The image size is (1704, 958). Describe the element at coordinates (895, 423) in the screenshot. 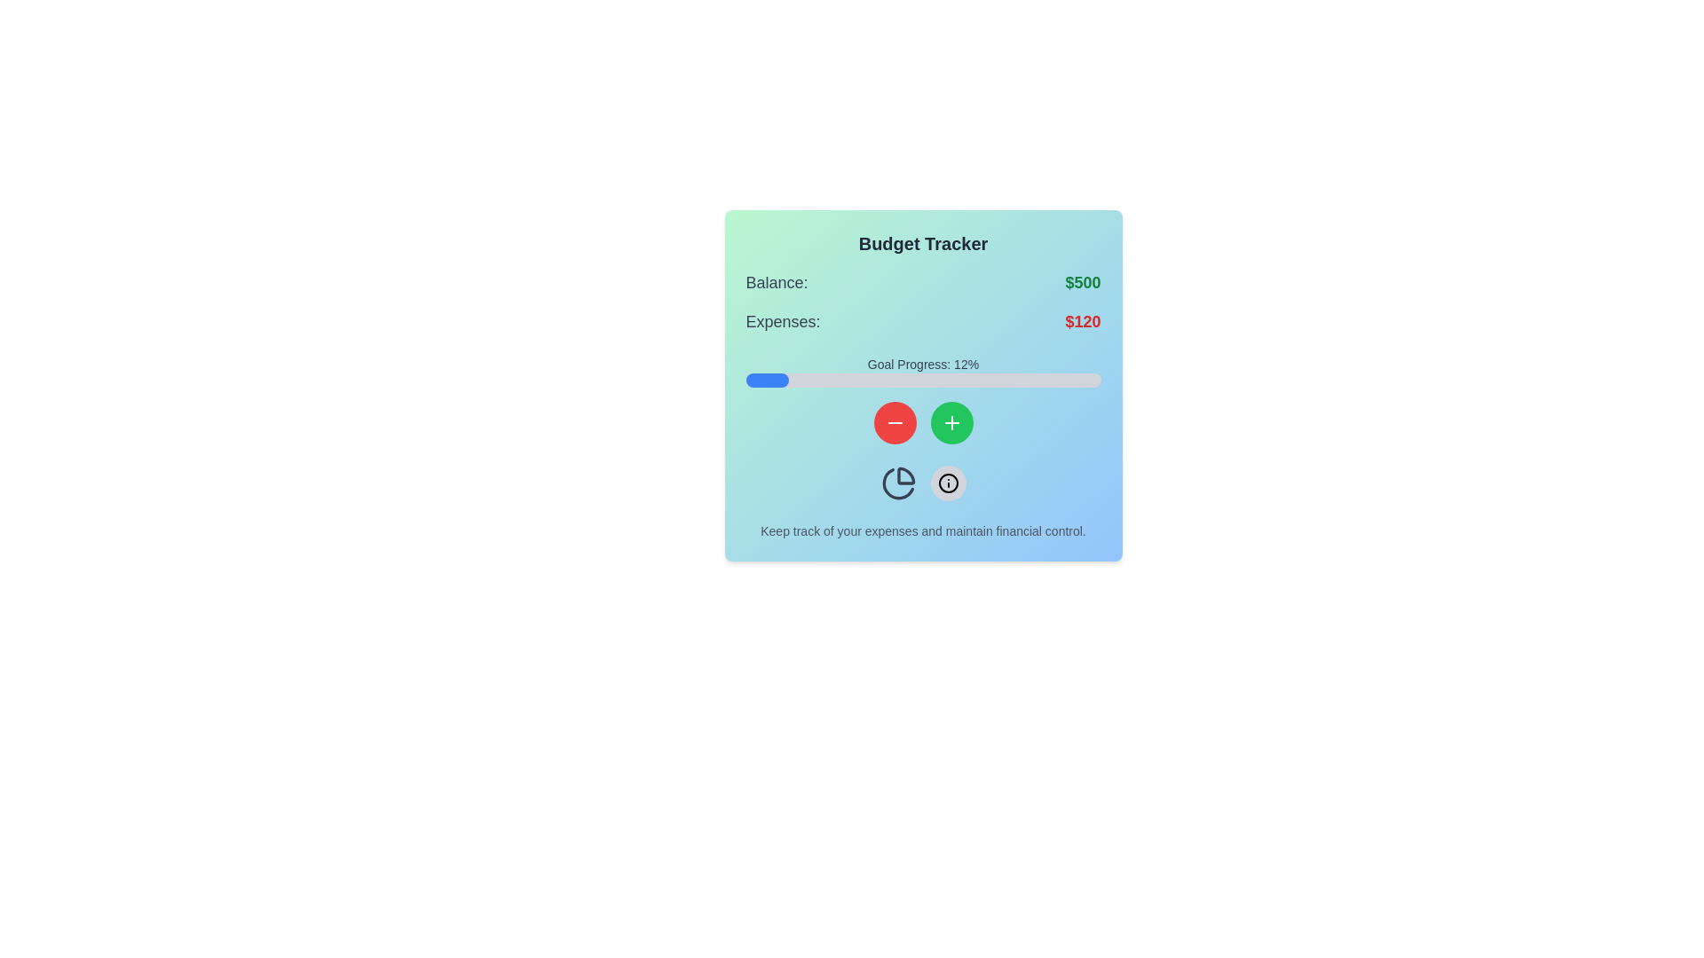

I see `the subtract button located in the second row of the interface, which is the leftmost button adjacent to a green circular plus button` at that location.